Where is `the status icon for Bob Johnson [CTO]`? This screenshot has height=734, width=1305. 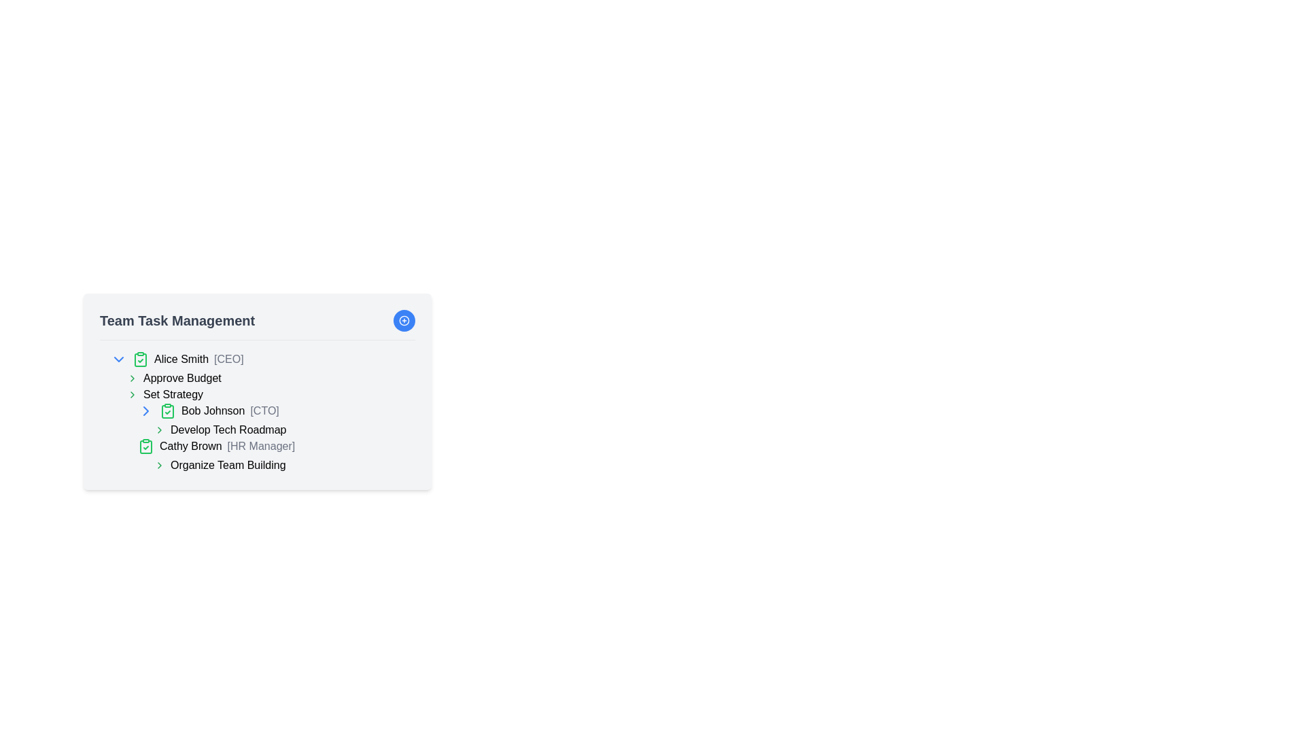 the status icon for Bob Johnson [CTO] is located at coordinates (167, 410).